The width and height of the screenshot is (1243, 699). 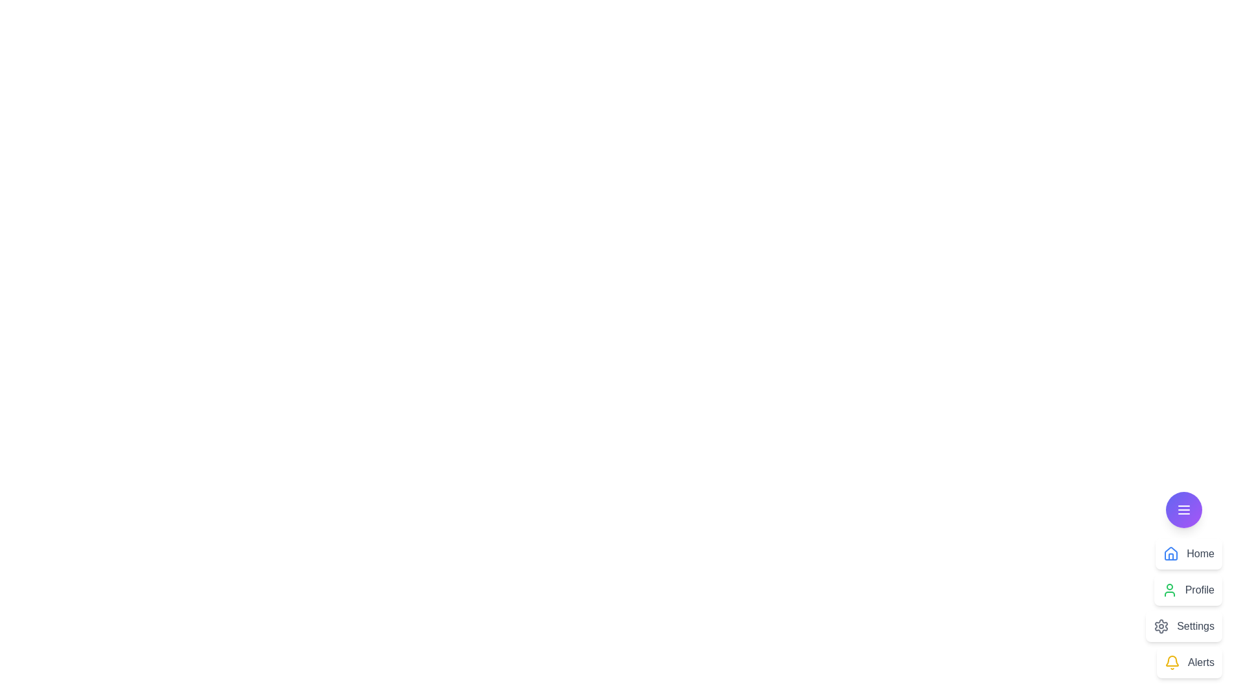 I want to click on the icon corresponding to Profile in the CustomSpeedDial menu, so click(x=1169, y=590).